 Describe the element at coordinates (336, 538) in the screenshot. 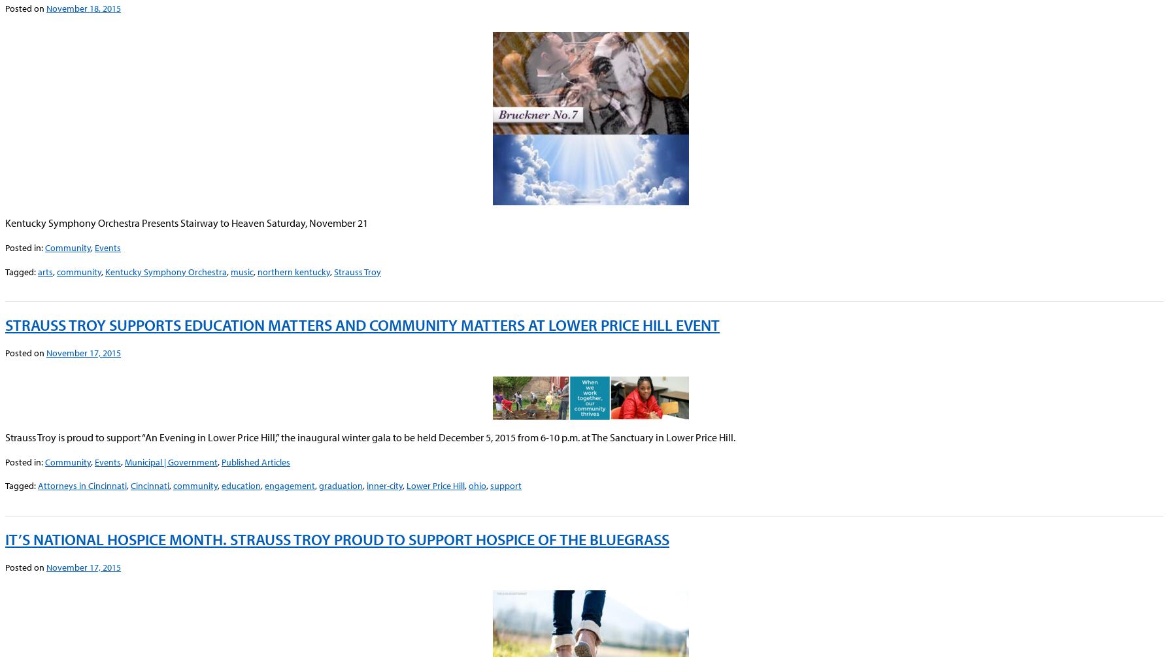

I see `'It’s National Hospice Month. Strauss Troy Proud To Support Hospice Of The Bluegrass'` at that location.